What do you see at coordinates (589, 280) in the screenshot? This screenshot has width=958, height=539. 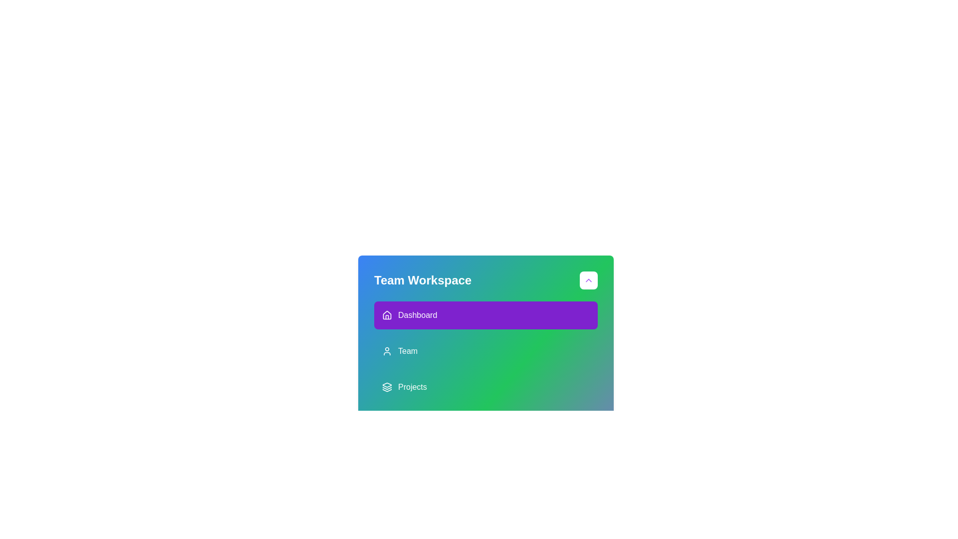 I see `the button with a white background and purple text in the top-right corner of the 'Team Workspace' bar` at bounding box center [589, 280].